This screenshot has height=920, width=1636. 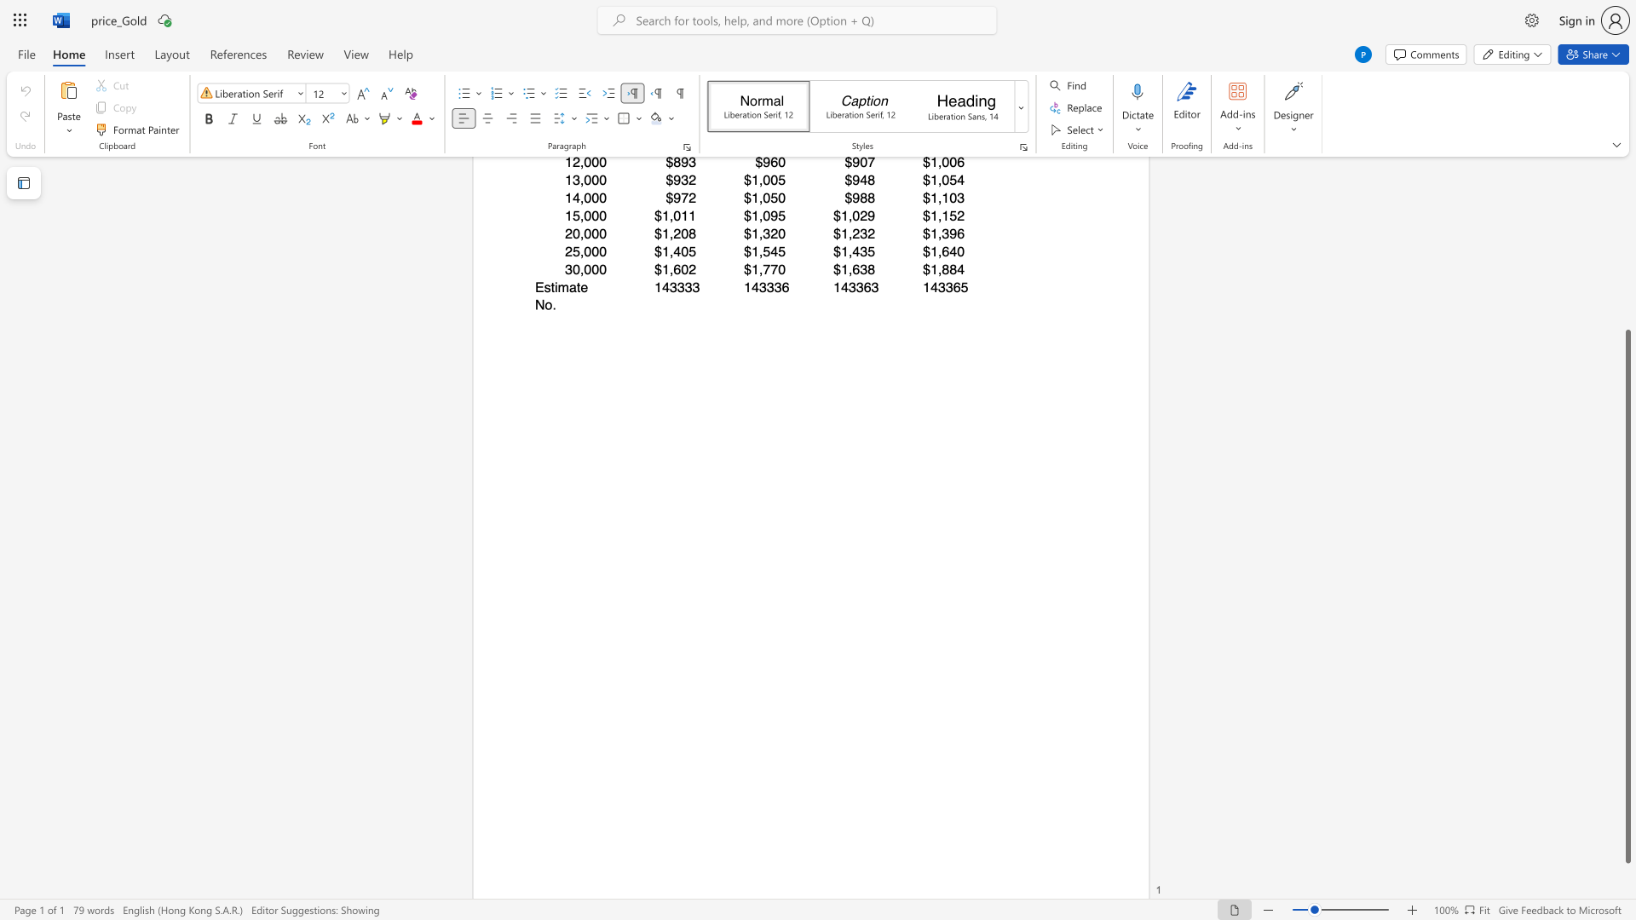 What do you see at coordinates (1627, 595) in the screenshot?
I see `the scrollbar and move down 10 pixels` at bounding box center [1627, 595].